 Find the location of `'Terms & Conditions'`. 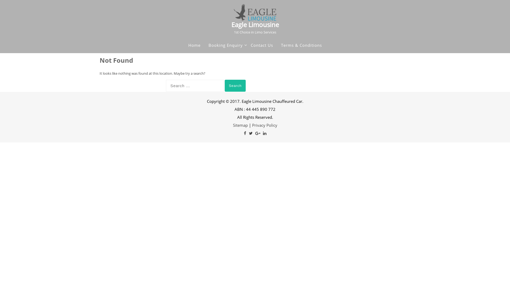

'Terms & Conditions' is located at coordinates (280, 45).